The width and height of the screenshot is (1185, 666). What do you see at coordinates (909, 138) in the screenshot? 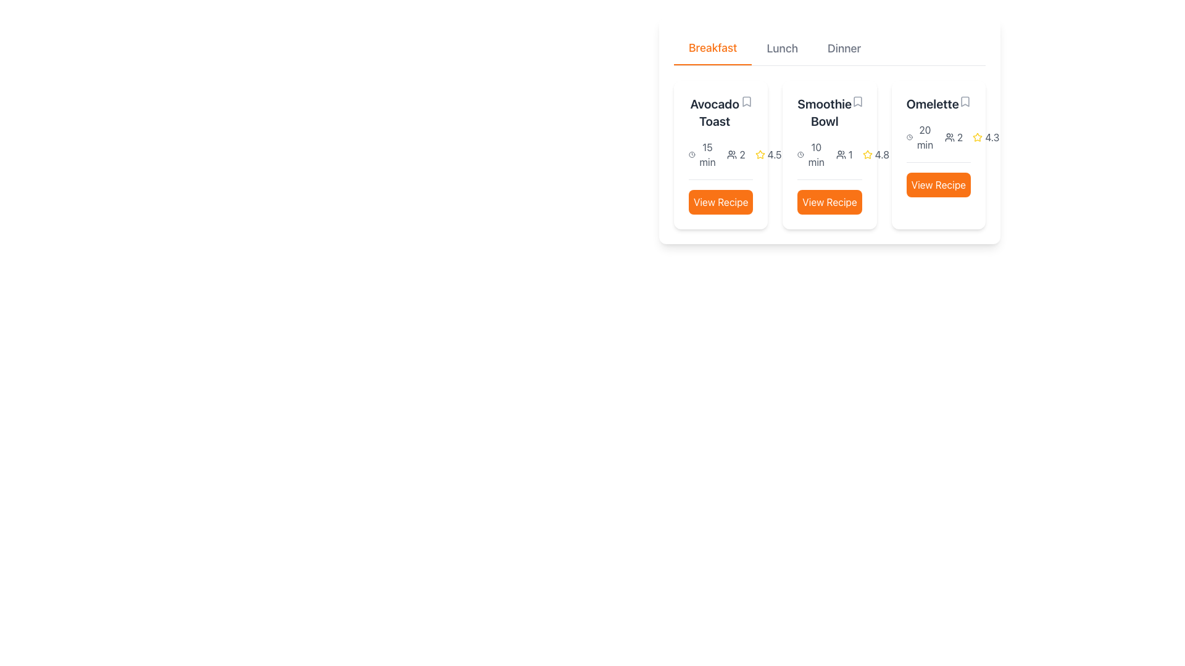
I see `the outer circular outline of the clock-shaped SVG icon that represents time, located near the text for the 'Omelette' recipe in the breakfast section` at bounding box center [909, 138].